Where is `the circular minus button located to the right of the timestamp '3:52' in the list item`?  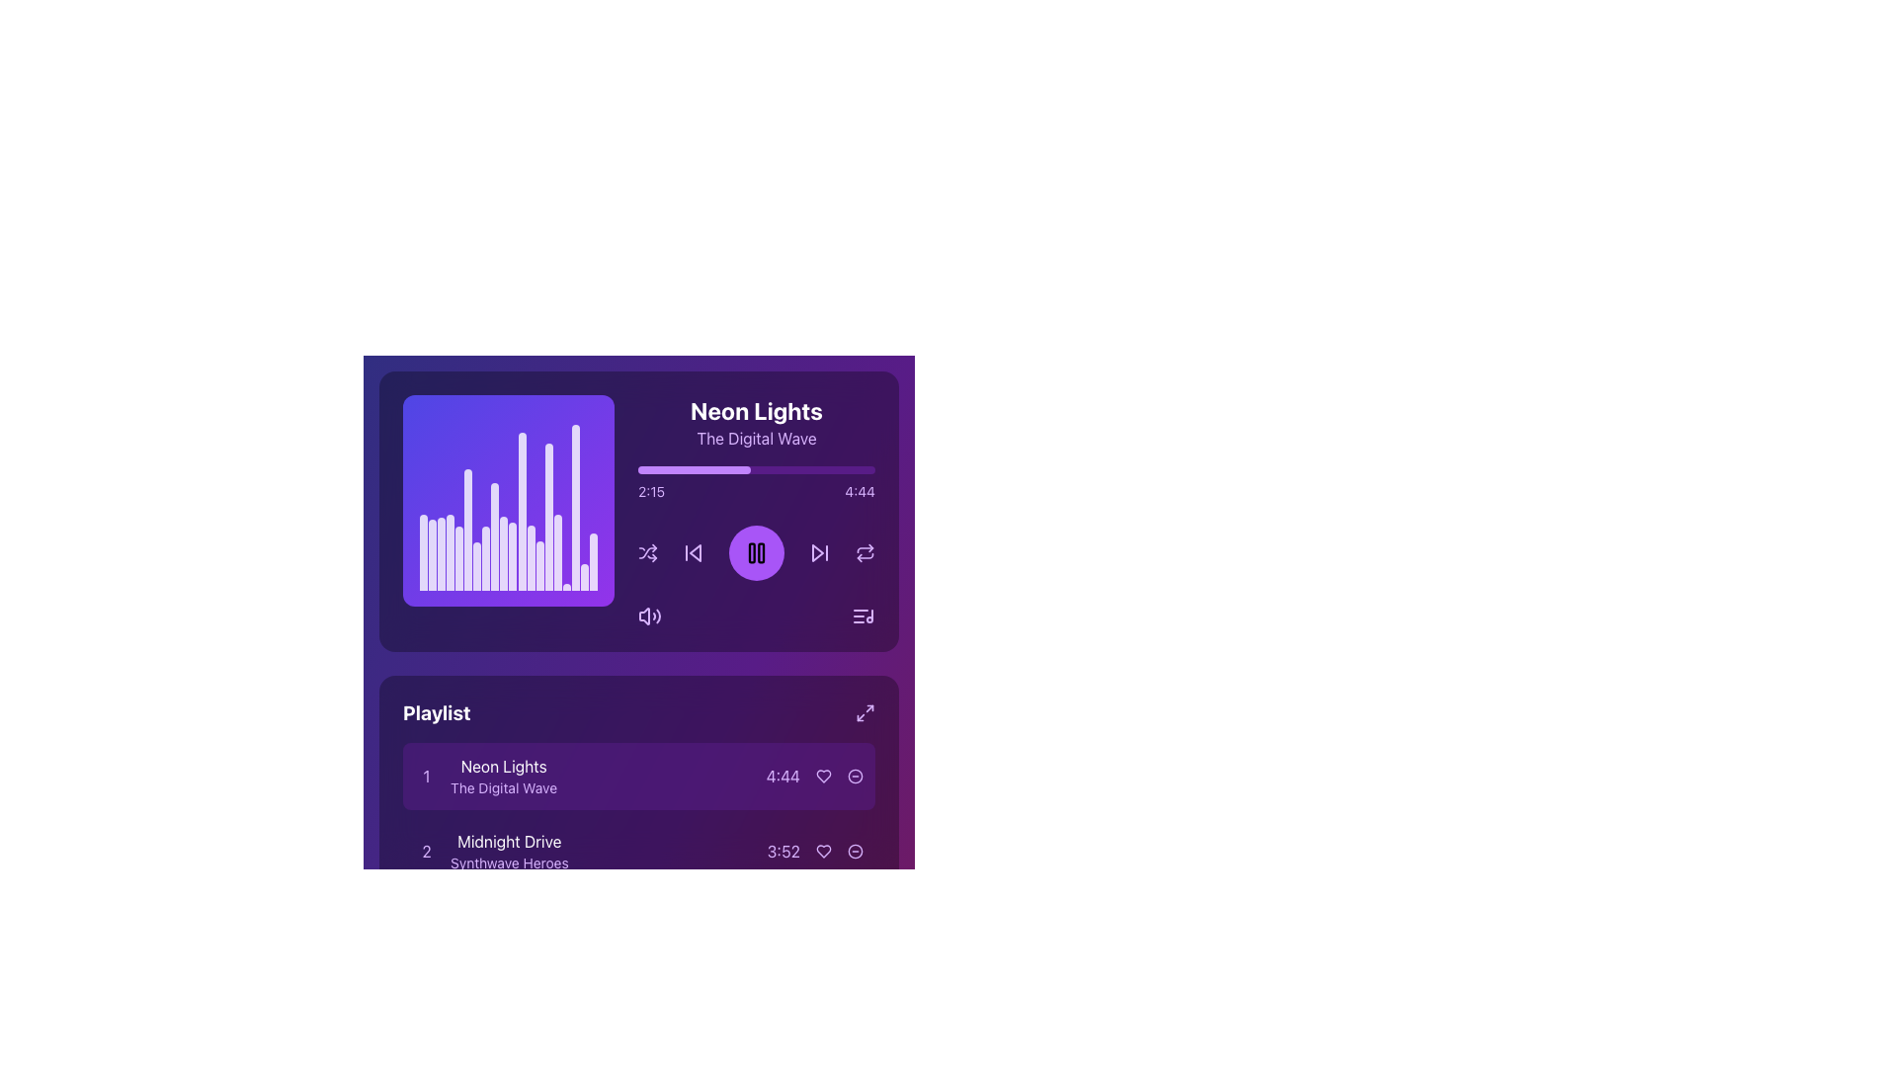 the circular minus button located to the right of the timestamp '3:52' in the list item is located at coordinates (855, 850).